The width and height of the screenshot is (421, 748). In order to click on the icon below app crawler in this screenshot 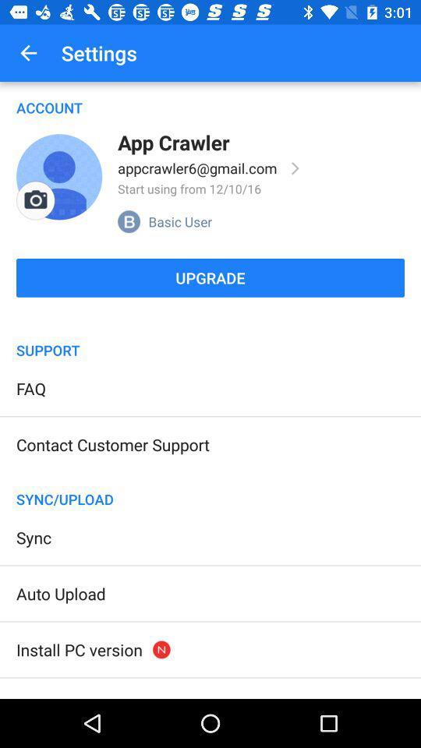, I will do `click(197, 168)`.